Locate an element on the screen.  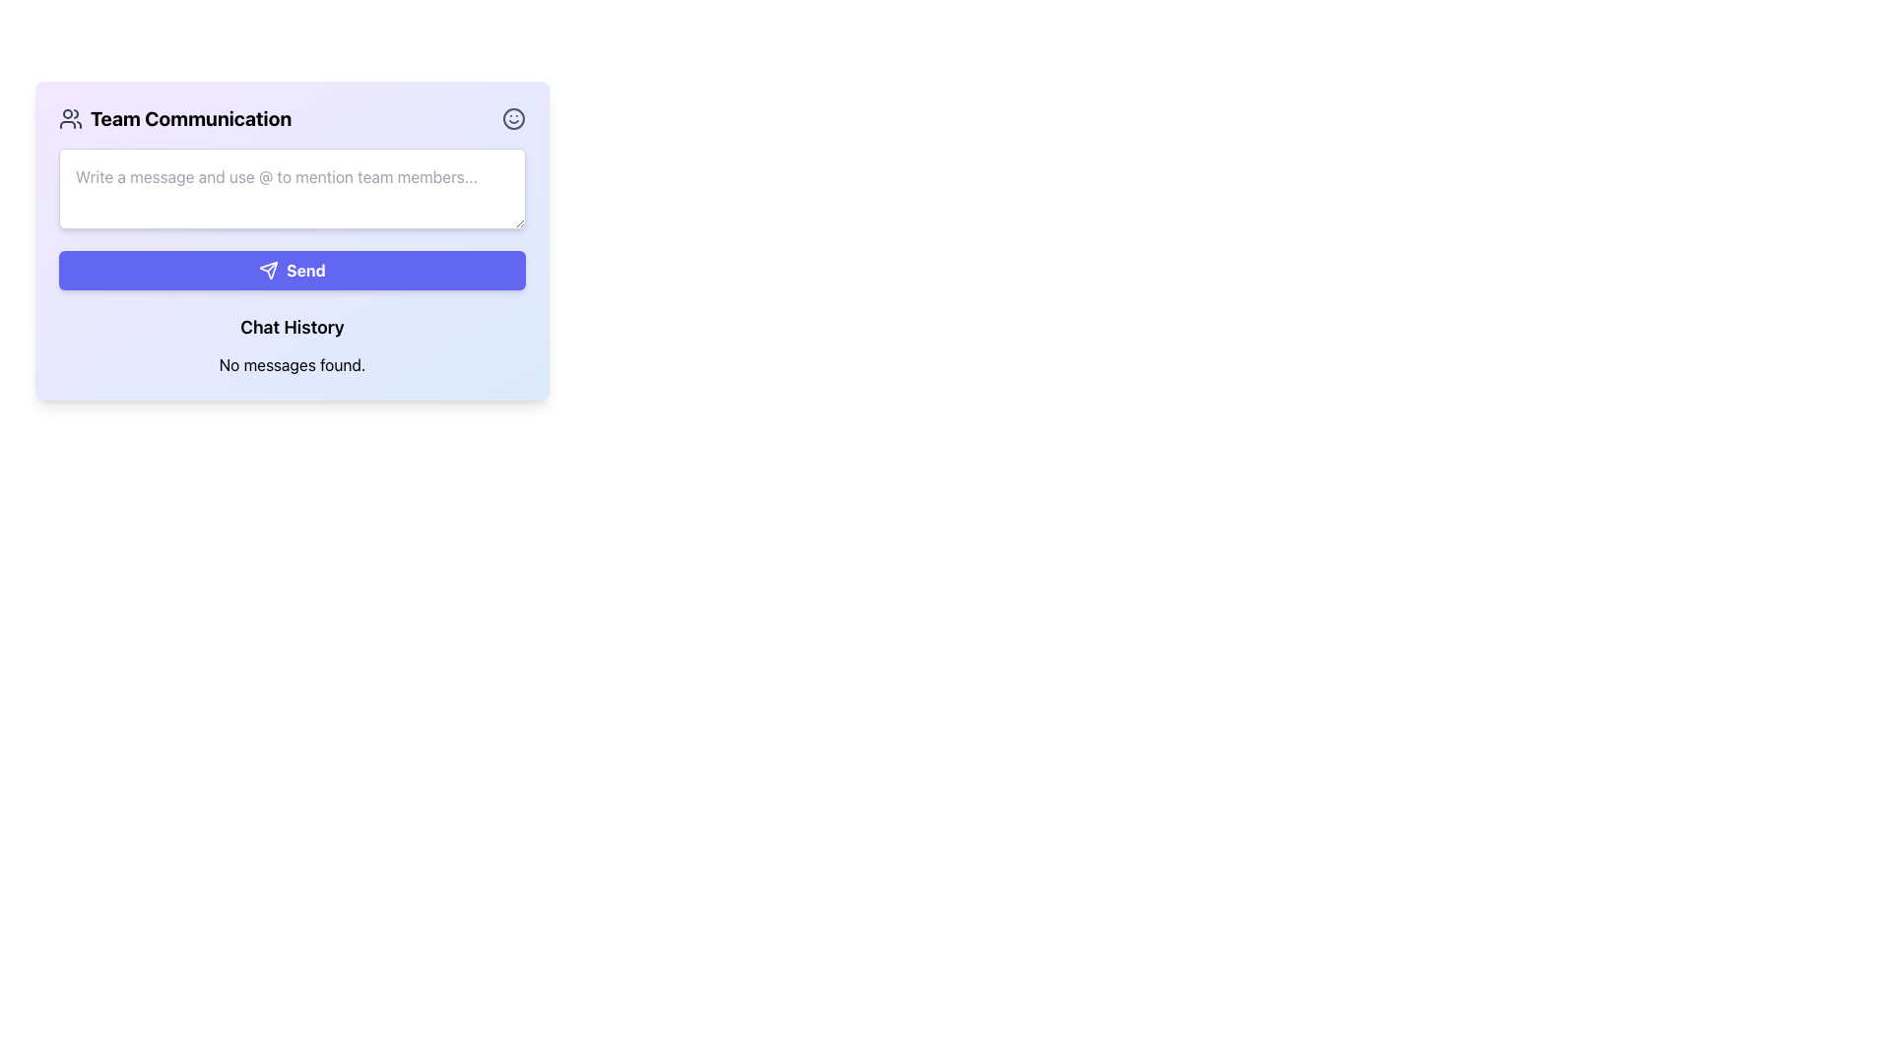
the stylized send icon located on the left side of the 'Send' button at the bottom center of the 'Team Communication' panel is located at coordinates (268, 270).